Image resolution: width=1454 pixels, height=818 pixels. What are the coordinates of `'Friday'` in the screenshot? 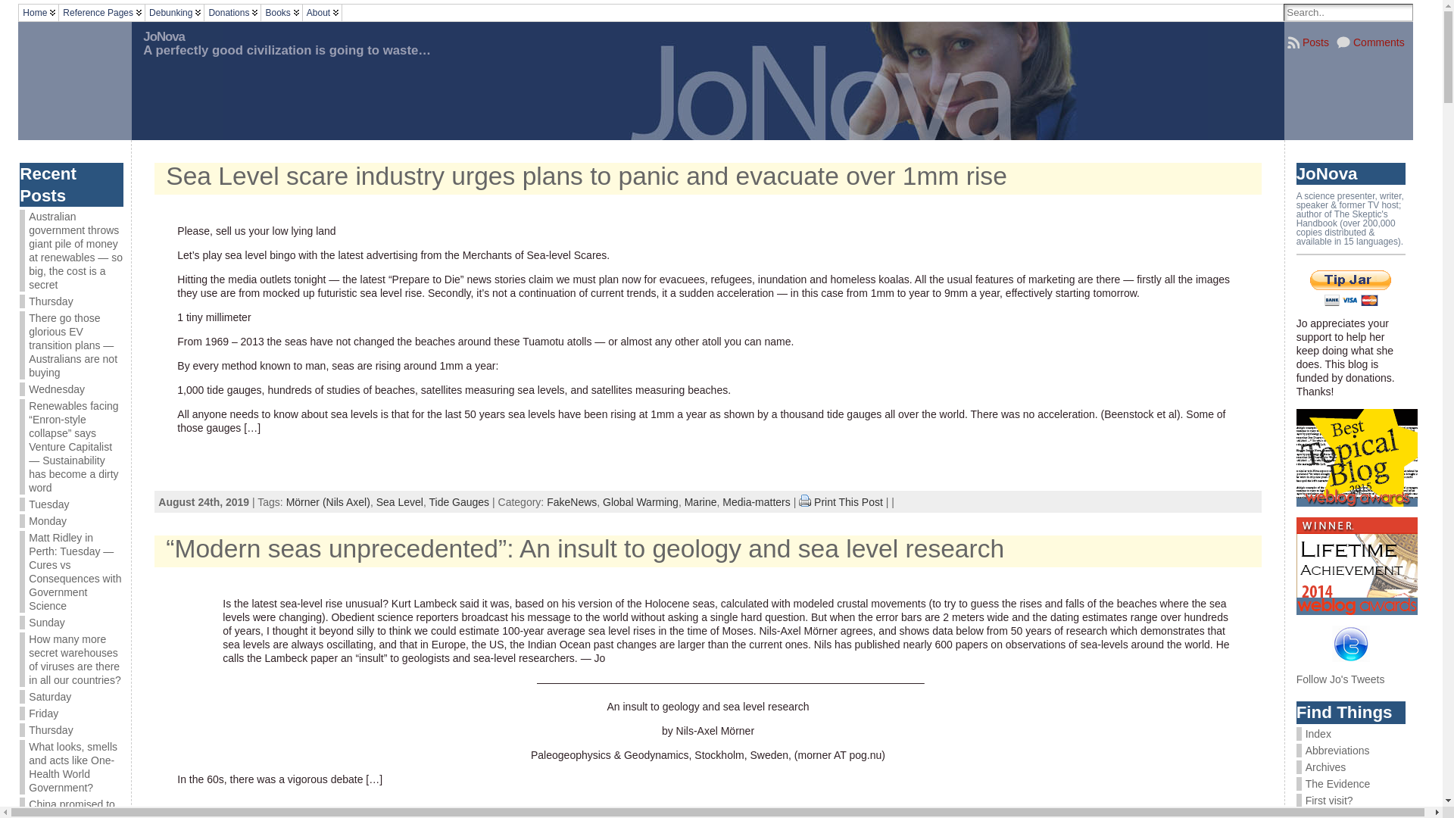 It's located at (29, 713).